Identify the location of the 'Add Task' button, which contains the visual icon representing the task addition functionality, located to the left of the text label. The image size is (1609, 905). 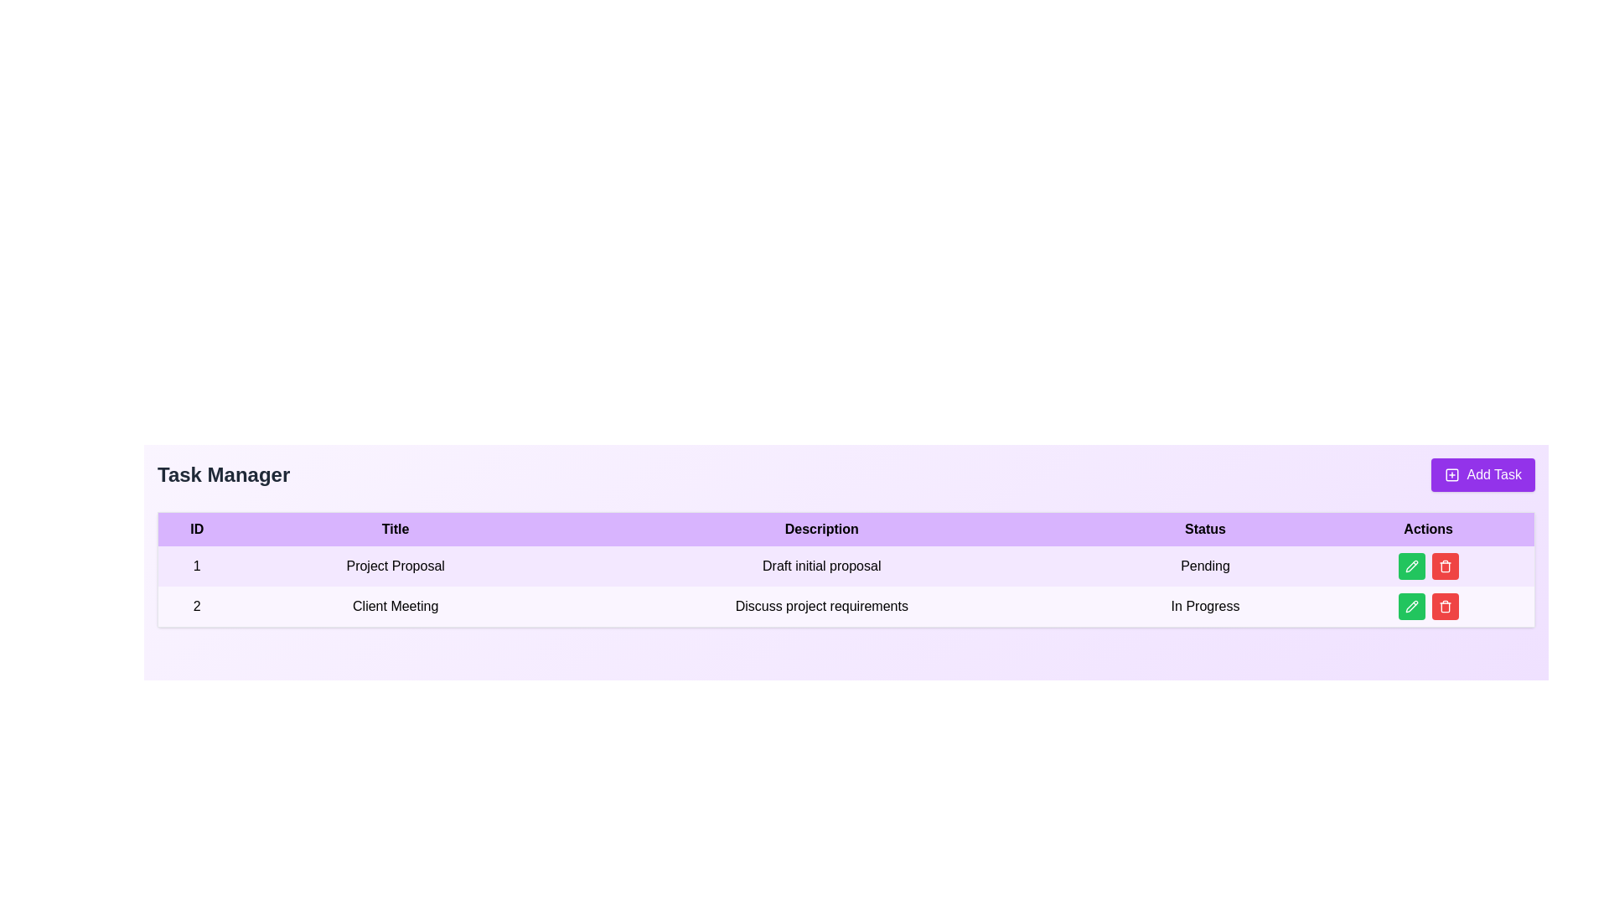
(1451, 475).